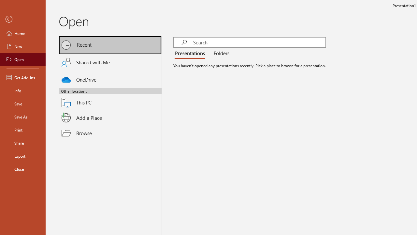 The height and width of the screenshot is (235, 417). Describe the element at coordinates (22, 130) in the screenshot. I see `'Print'` at that location.